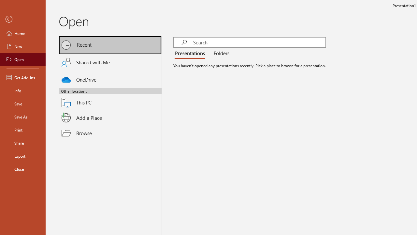 The height and width of the screenshot is (235, 417). Describe the element at coordinates (22, 130) in the screenshot. I see `'Print'` at that location.